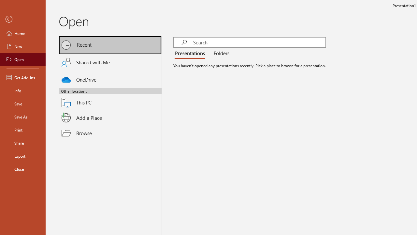 The height and width of the screenshot is (235, 417). Describe the element at coordinates (22, 130) in the screenshot. I see `'Print'` at that location.